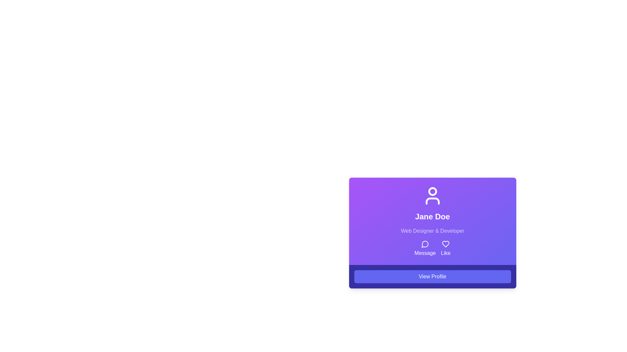 Image resolution: width=627 pixels, height=352 pixels. What do you see at coordinates (432, 276) in the screenshot?
I see `the unique navigational button located at the middle bottom of the profile card` at bounding box center [432, 276].